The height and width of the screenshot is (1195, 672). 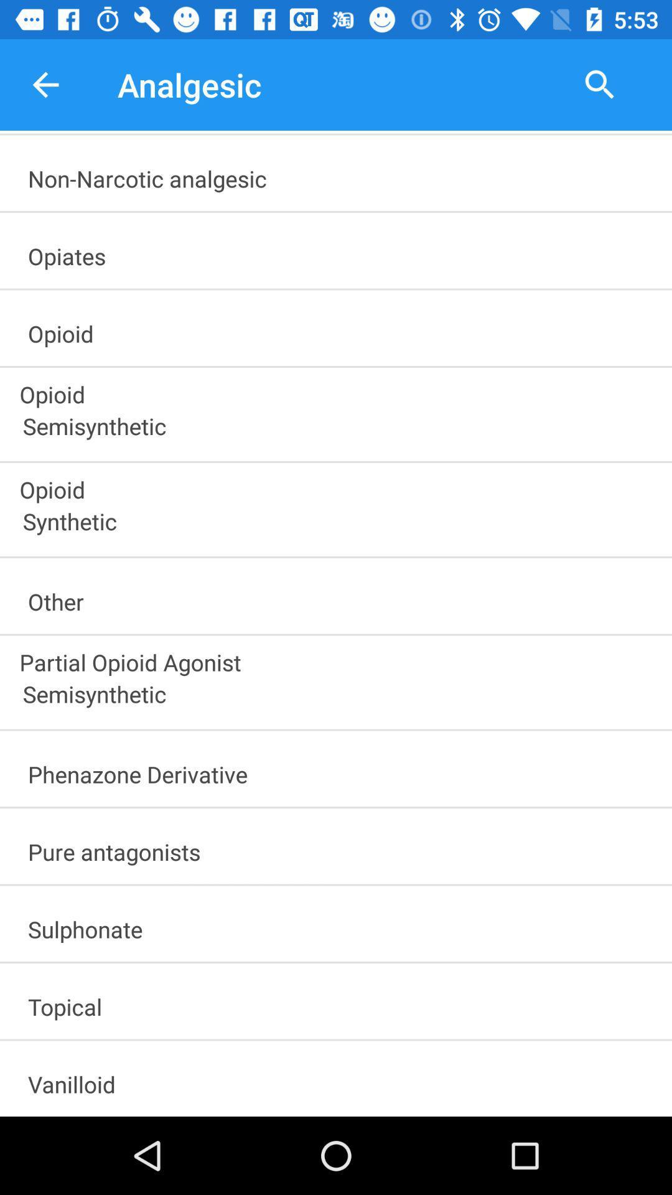 What do you see at coordinates (342, 251) in the screenshot?
I see `the item below non-narcotic analgesic icon` at bounding box center [342, 251].